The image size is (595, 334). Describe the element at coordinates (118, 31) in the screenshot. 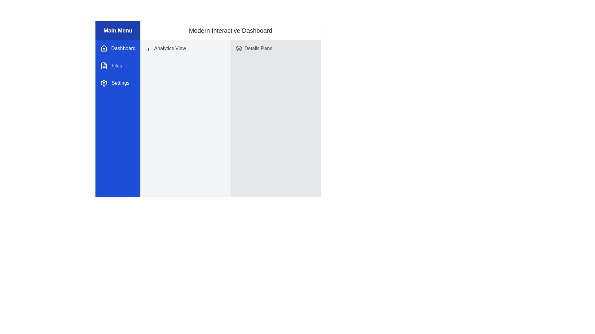

I see `the static text label or header that serves as the title for the sidebar menu, located at the top of the vertical sidebar on the left edge of the application layout` at that location.